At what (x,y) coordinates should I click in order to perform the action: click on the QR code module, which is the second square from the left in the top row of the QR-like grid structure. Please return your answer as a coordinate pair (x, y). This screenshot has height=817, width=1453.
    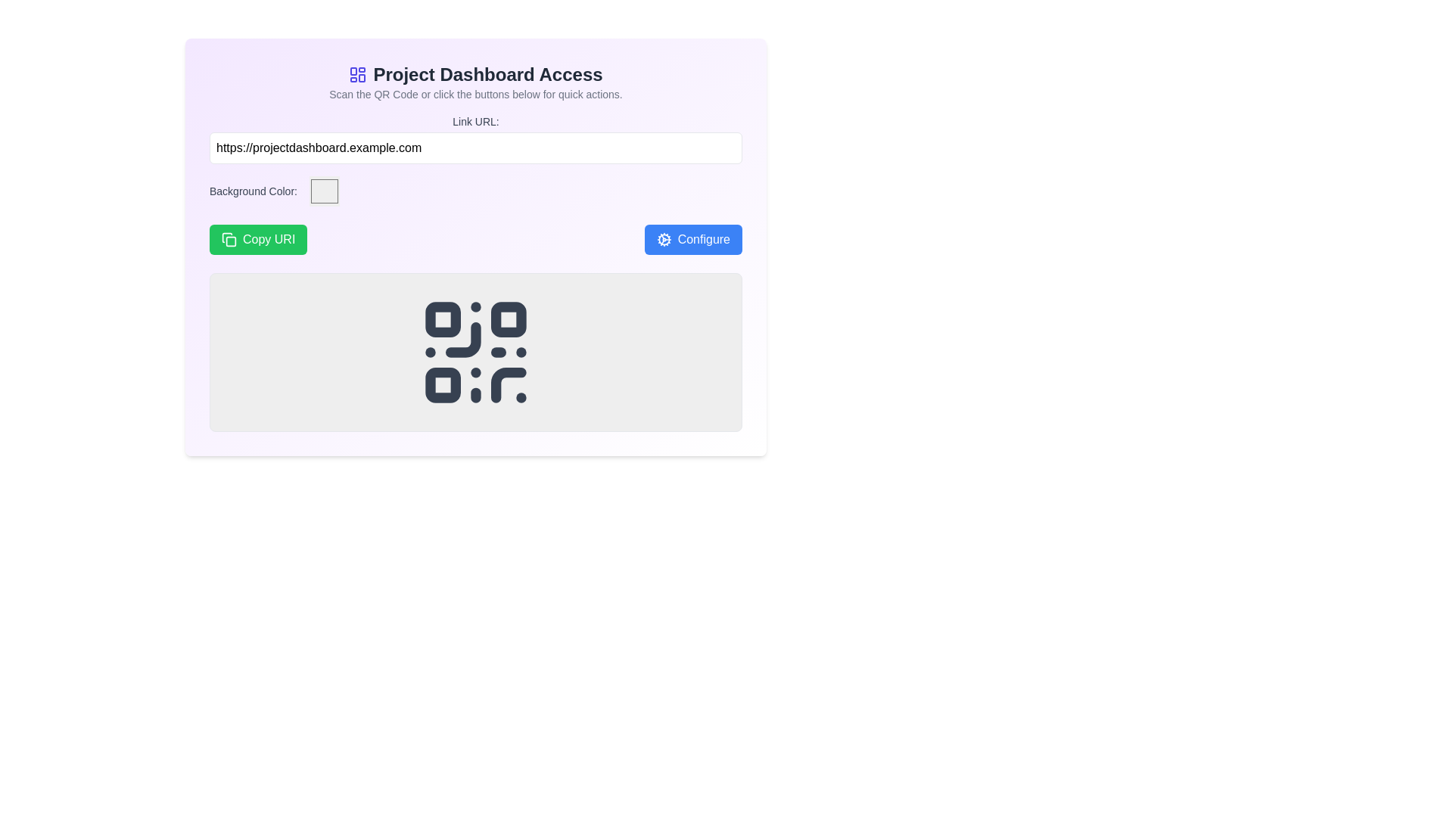
    Looking at the image, I should click on (509, 318).